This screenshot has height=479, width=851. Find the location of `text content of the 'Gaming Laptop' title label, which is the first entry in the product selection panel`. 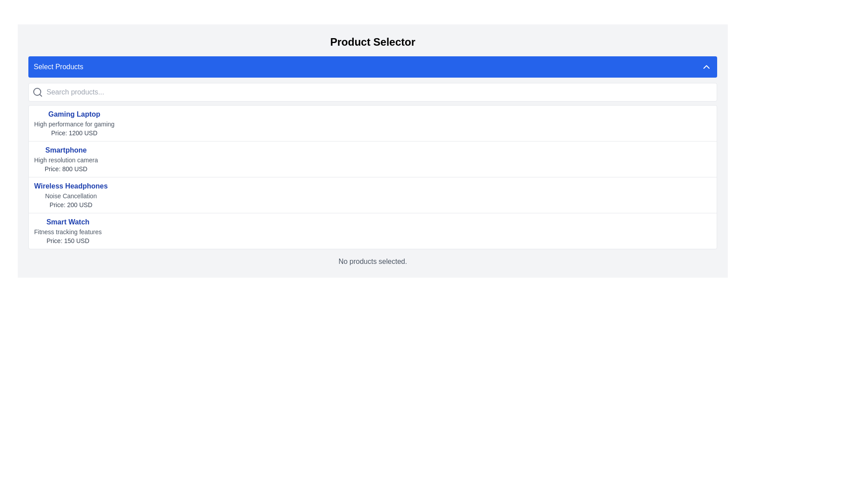

text content of the 'Gaming Laptop' title label, which is the first entry in the product selection panel is located at coordinates (74, 114).